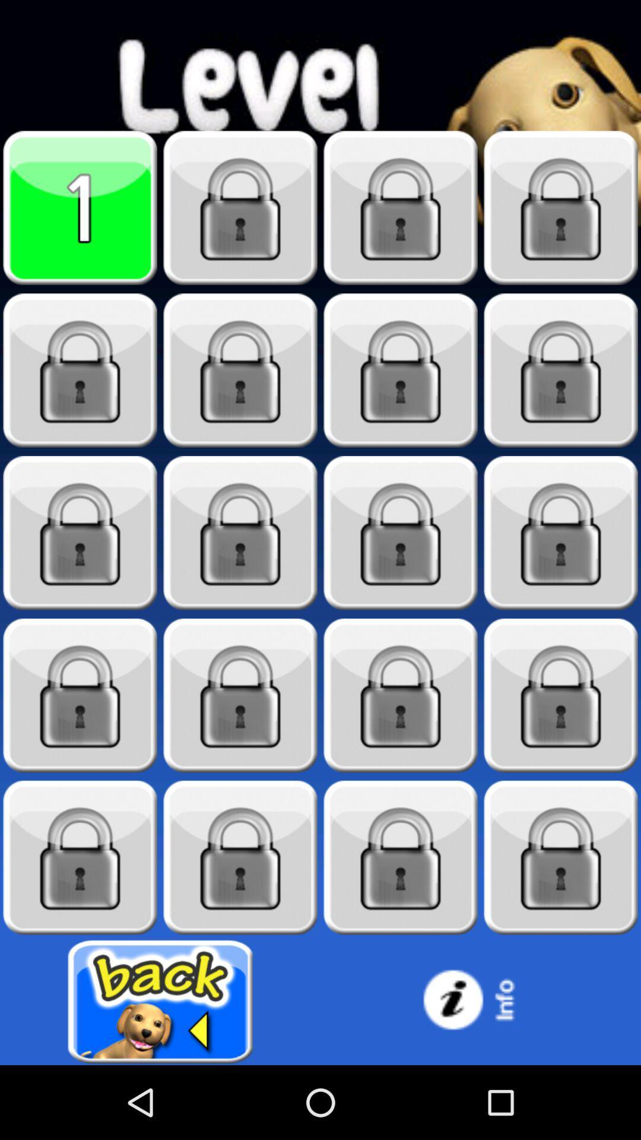  Describe the element at coordinates (80, 208) in the screenshot. I see `level` at that location.